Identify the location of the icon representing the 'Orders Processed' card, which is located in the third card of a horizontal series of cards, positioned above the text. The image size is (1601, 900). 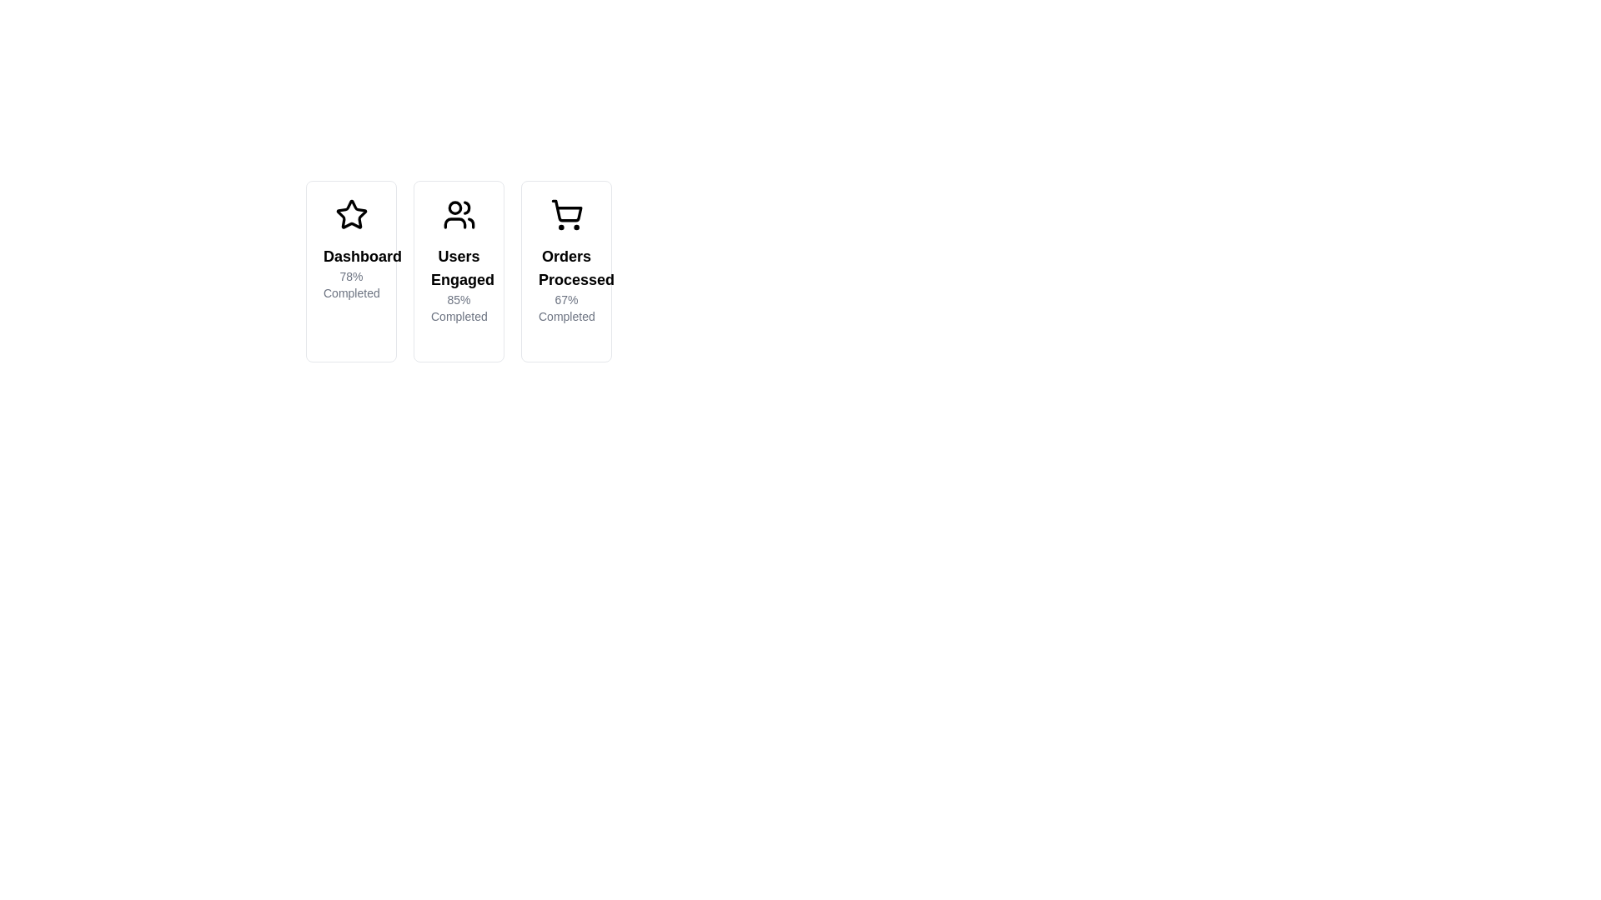
(566, 214).